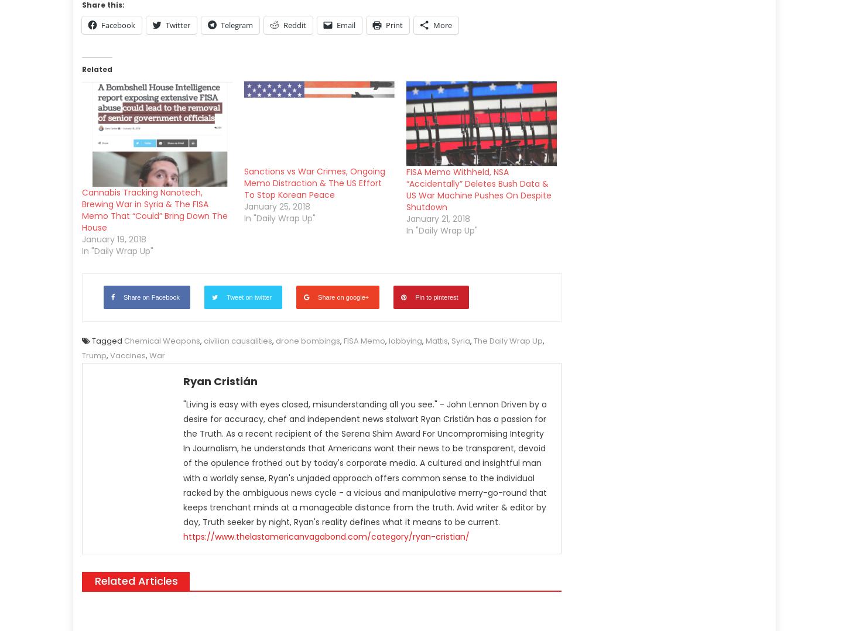 The image size is (849, 631). Describe the element at coordinates (117, 25) in the screenshot. I see `'Facebook'` at that location.